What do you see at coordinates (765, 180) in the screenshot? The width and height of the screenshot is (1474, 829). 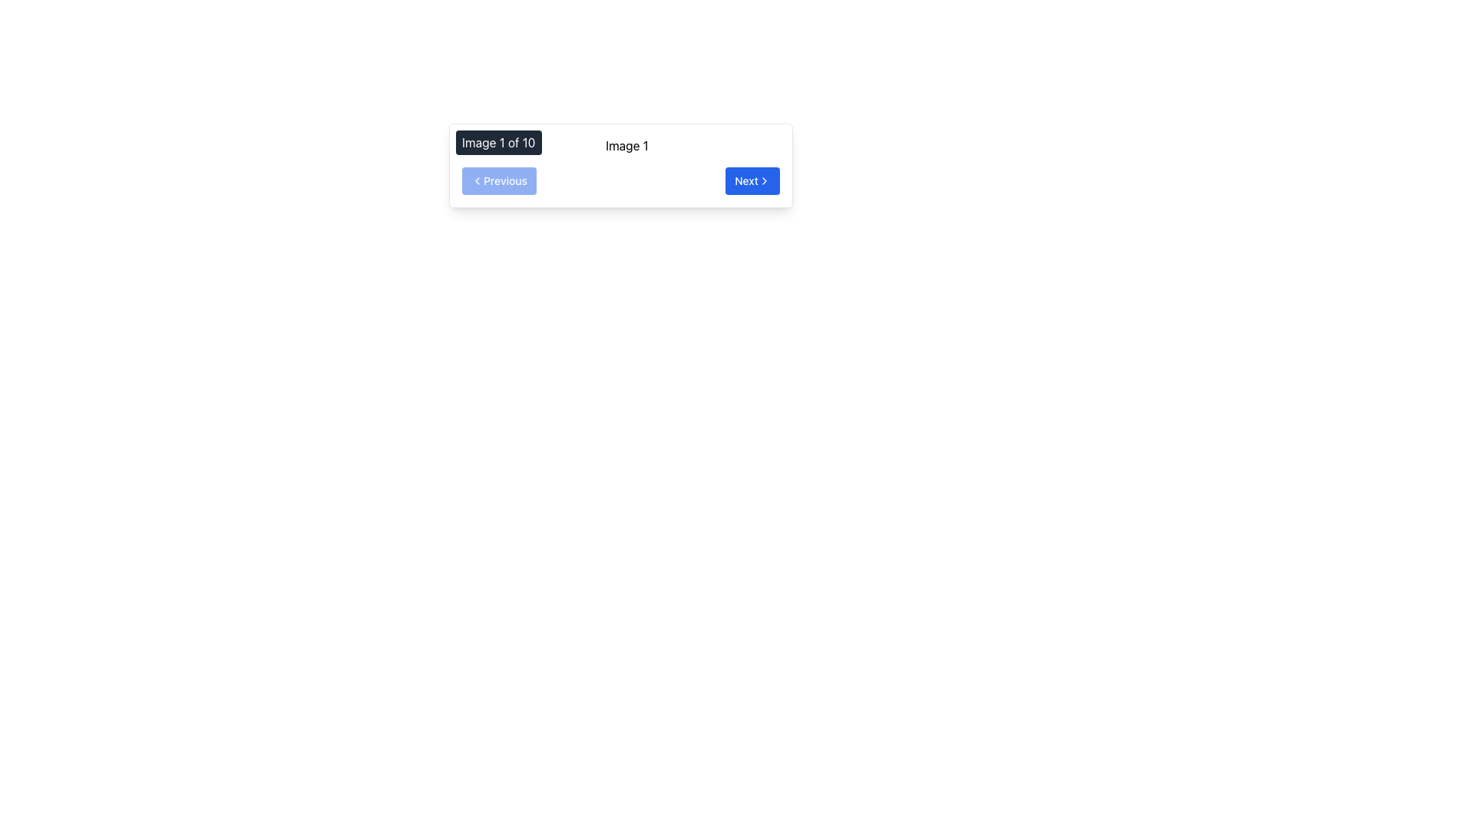 I see `the right-pointing arrow icon within the blue 'Next' button on the navigation bar` at bounding box center [765, 180].